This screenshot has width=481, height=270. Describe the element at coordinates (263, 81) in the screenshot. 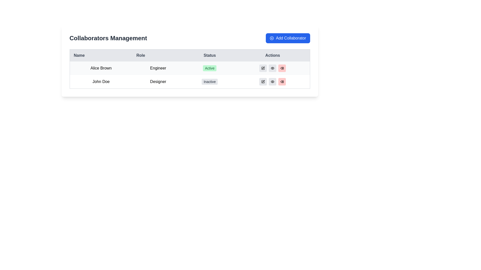

I see `the edit icon, which is a square-shaped icon with rounded corners and a pen symbol overlay located directly beneath the 'Actions' section in the second row of the action buttons` at that location.